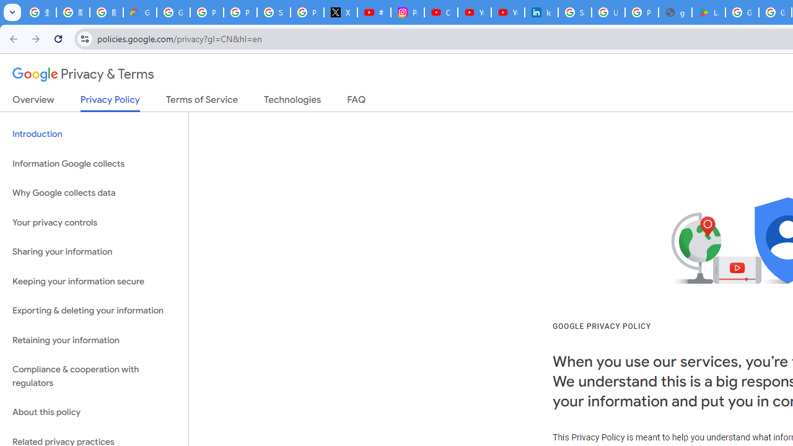 The height and width of the screenshot is (446, 793). I want to click on 'Sharing your information', so click(94, 251).